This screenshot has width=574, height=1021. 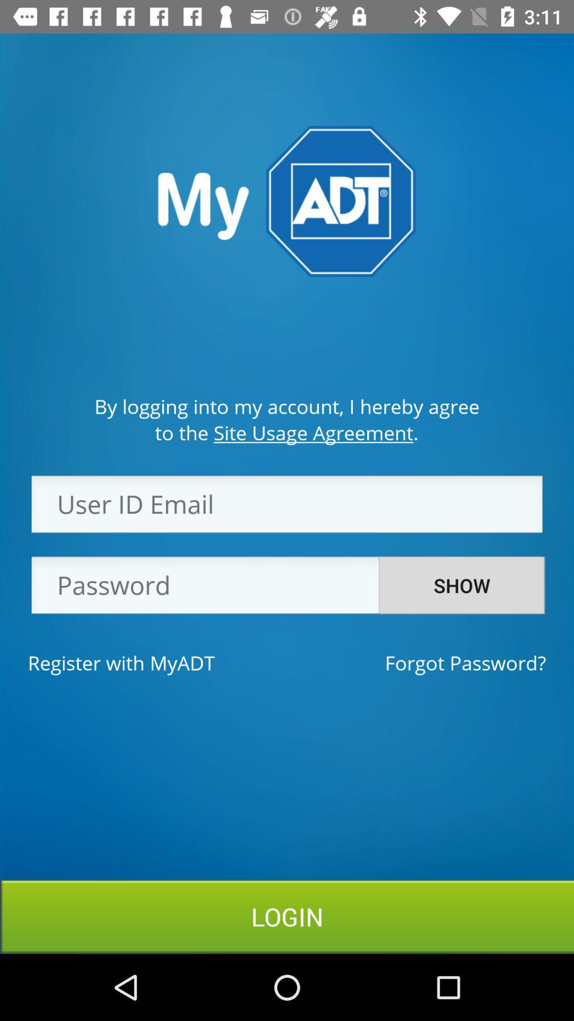 What do you see at coordinates (465, 662) in the screenshot?
I see `the forgot password? item` at bounding box center [465, 662].